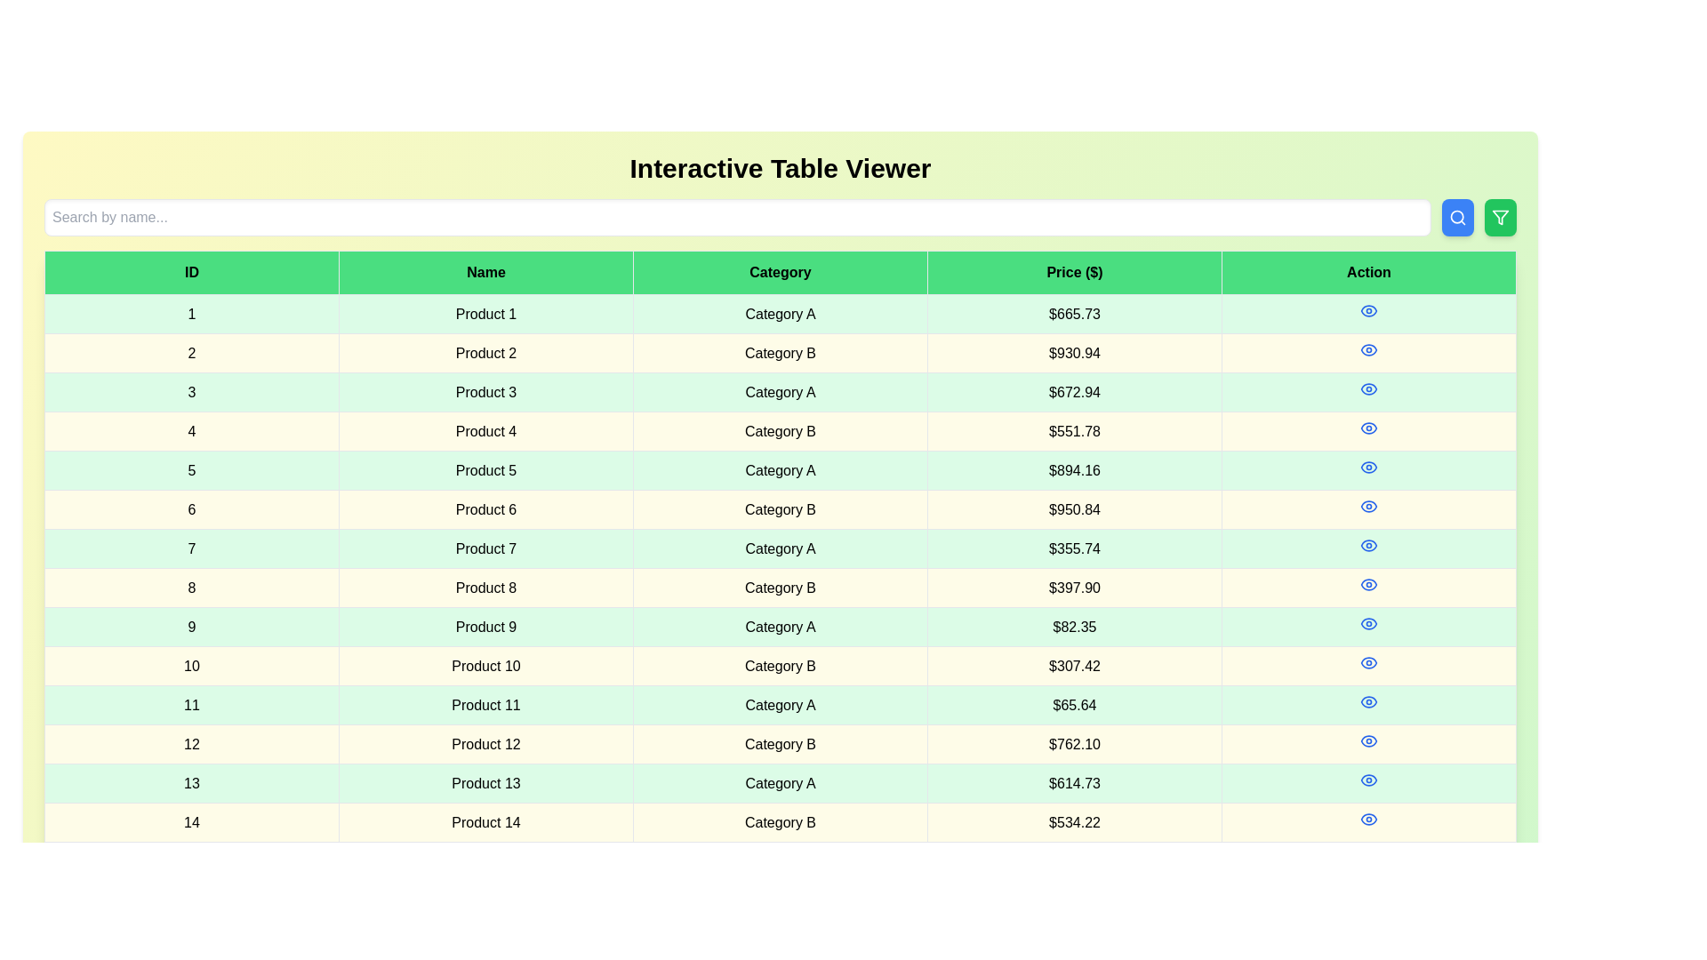 The image size is (1707, 960). I want to click on 'Search' button to execute a search, so click(1458, 217).